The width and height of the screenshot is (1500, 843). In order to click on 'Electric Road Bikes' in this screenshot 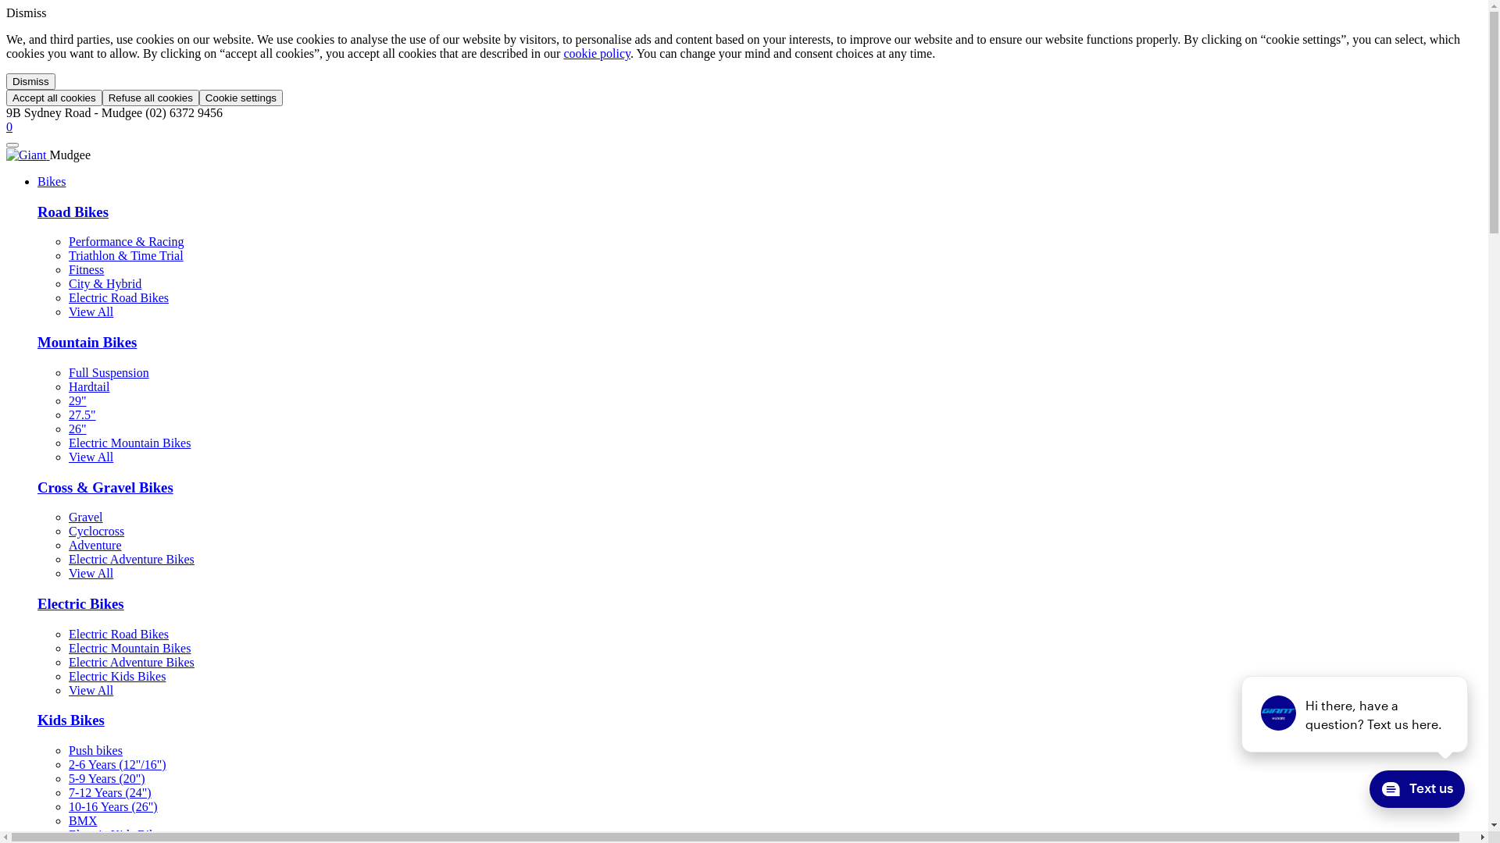, I will do `click(118, 297)`.